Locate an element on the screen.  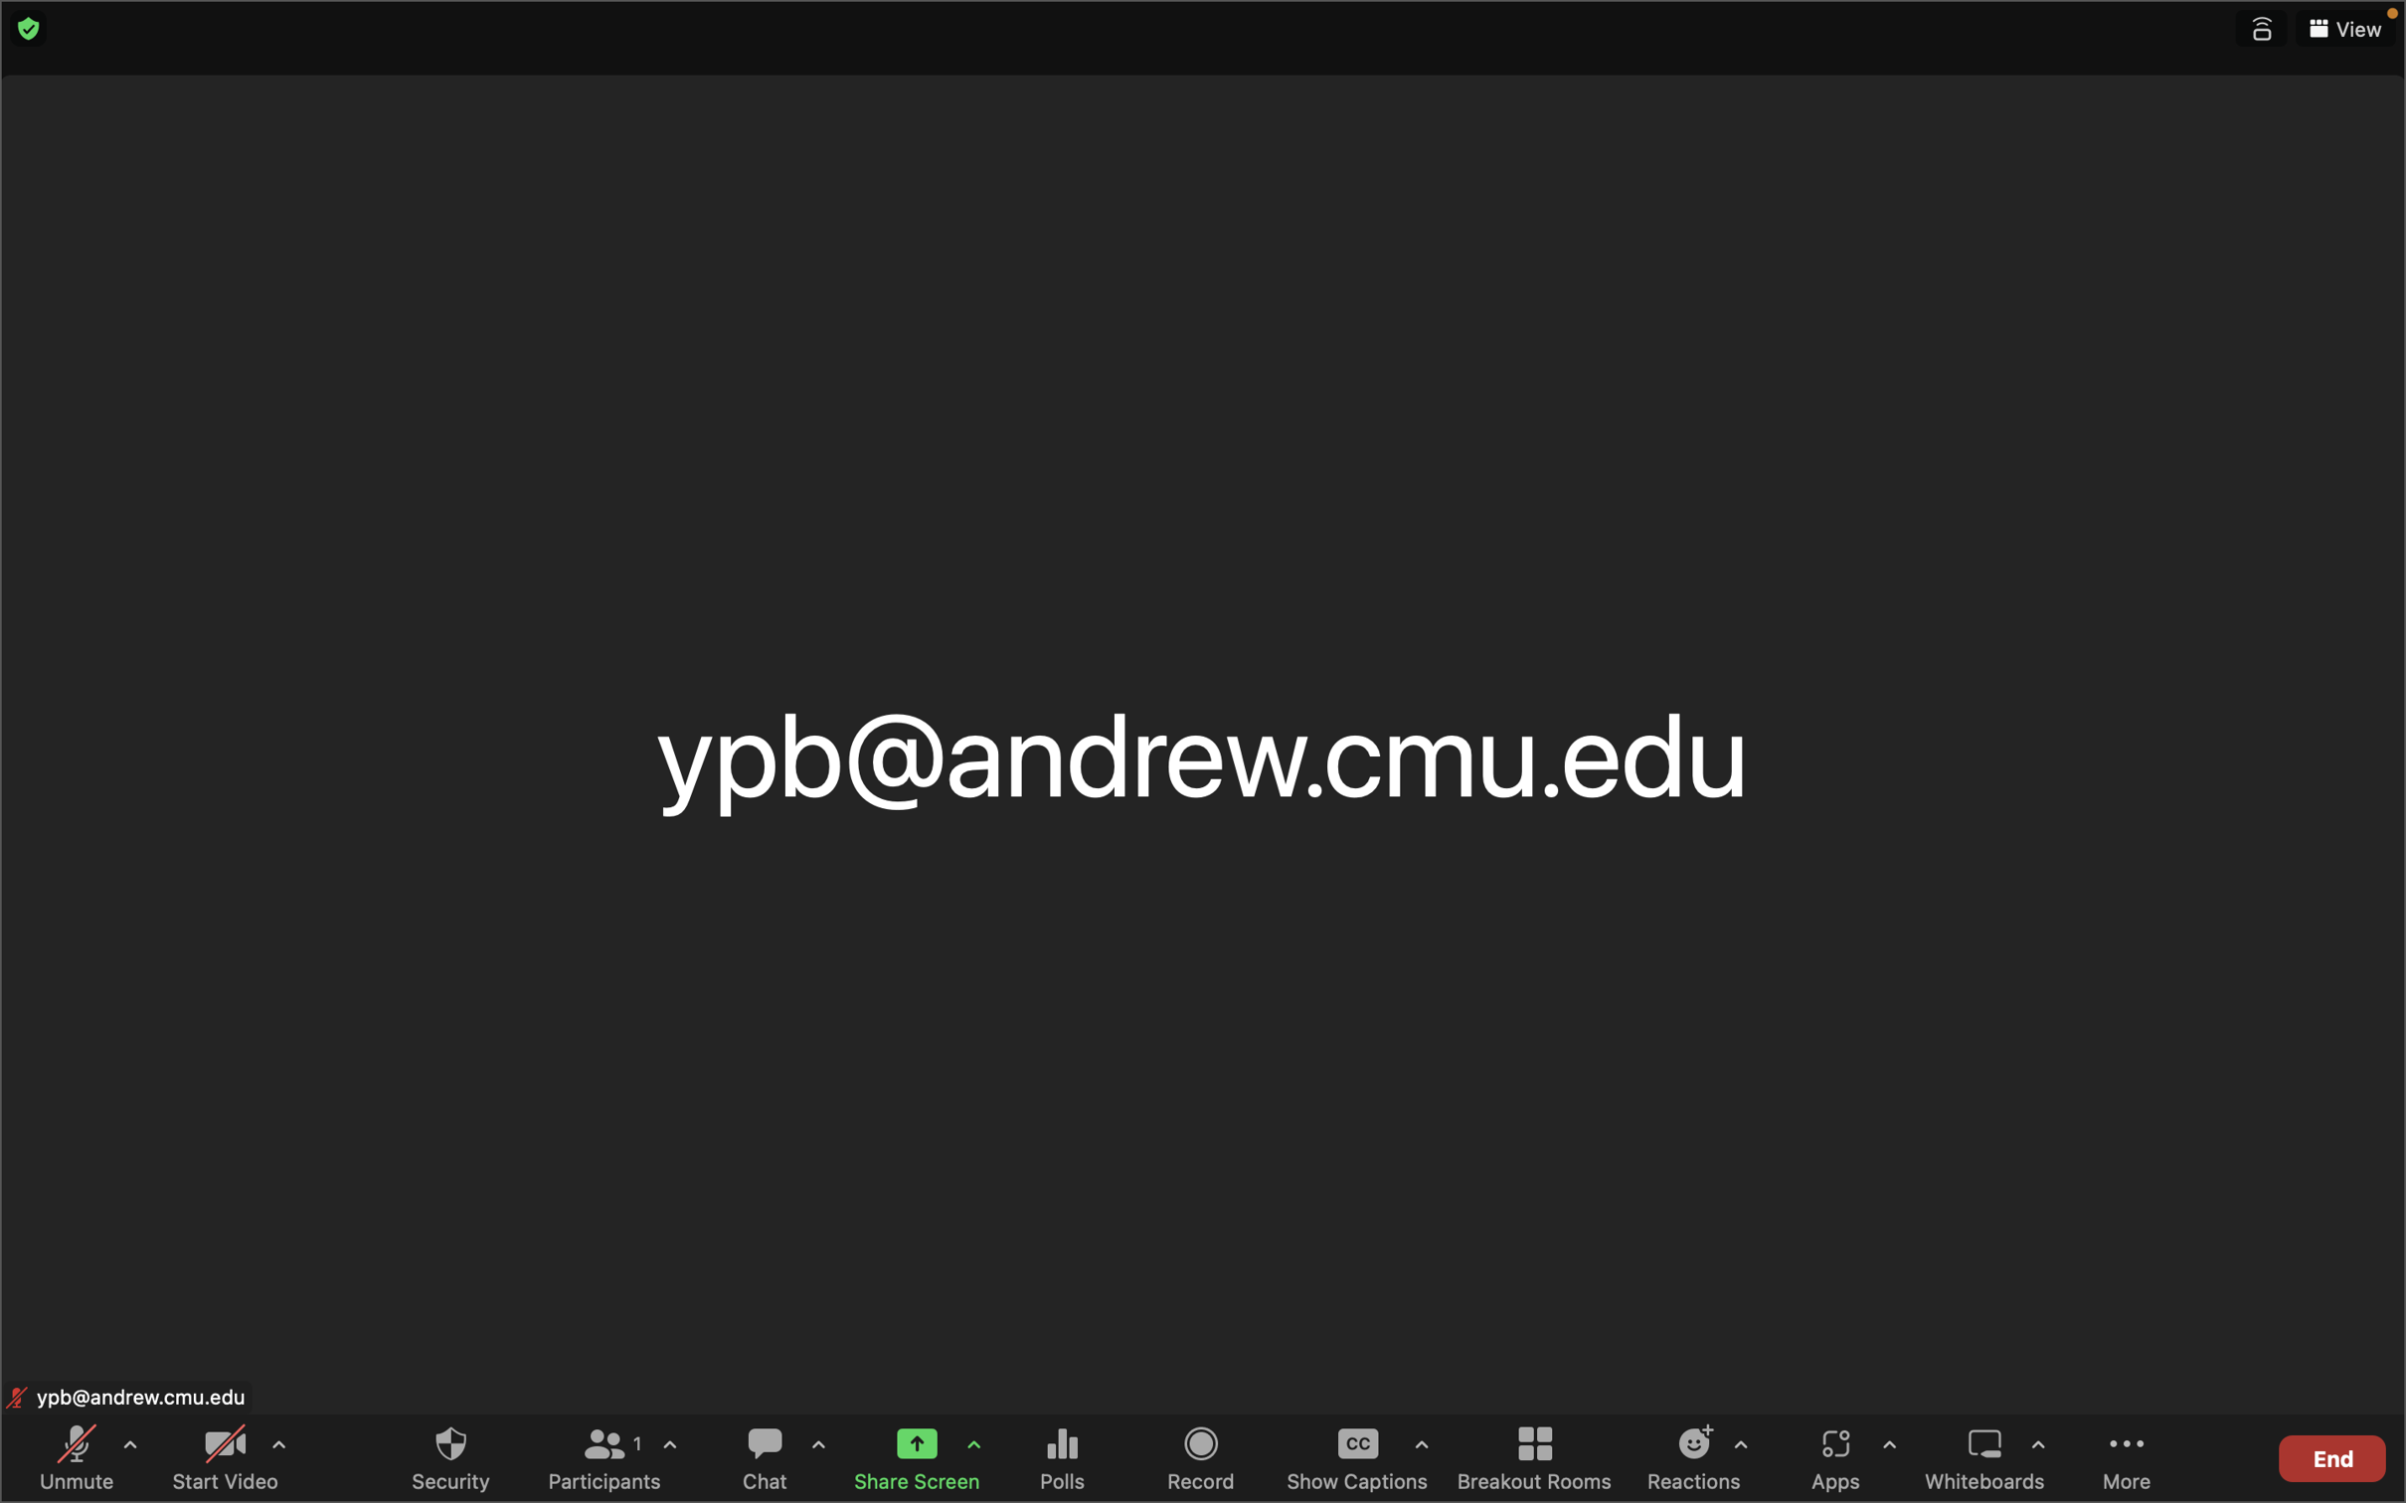
Go to the video settings is located at coordinates (276, 1452).